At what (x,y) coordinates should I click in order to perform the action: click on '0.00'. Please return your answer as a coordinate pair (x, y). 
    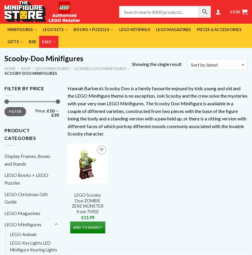
    Looking at the image, I should click on (232, 11).